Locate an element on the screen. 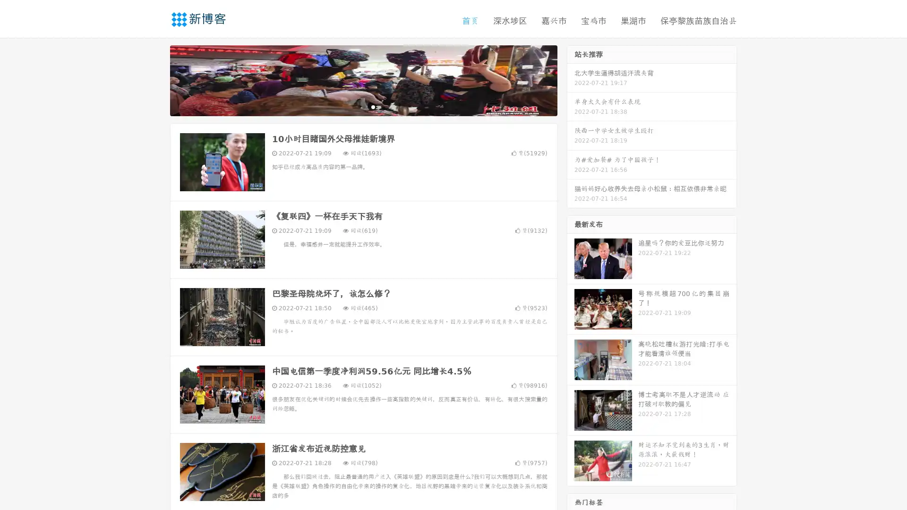 This screenshot has height=510, width=907. Go to slide 2 is located at coordinates (363, 106).